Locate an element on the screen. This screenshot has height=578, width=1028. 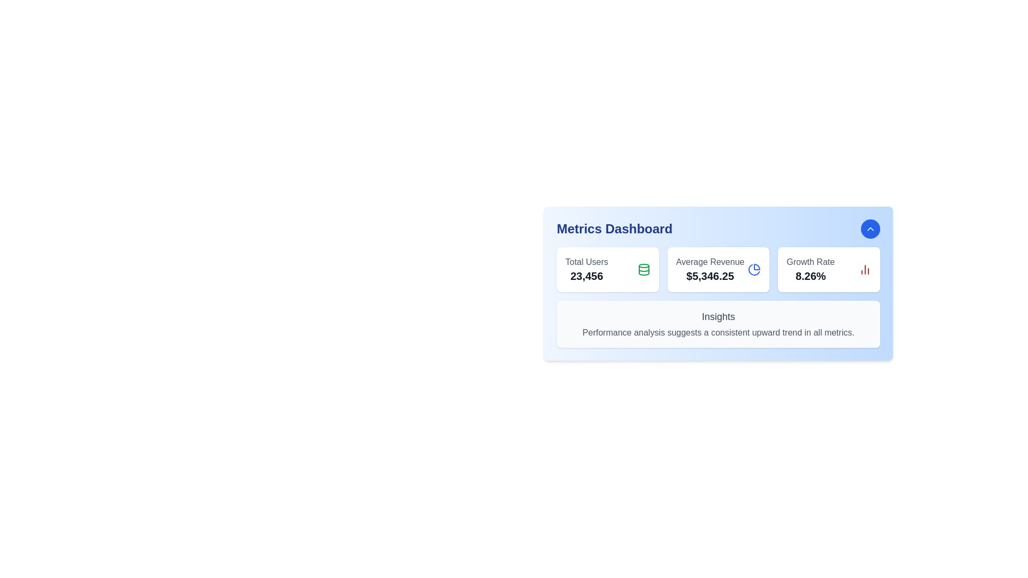
value displayed in the average revenue text element located in the metrics dashboard, which serves as a summary statistic is located at coordinates (710, 276).